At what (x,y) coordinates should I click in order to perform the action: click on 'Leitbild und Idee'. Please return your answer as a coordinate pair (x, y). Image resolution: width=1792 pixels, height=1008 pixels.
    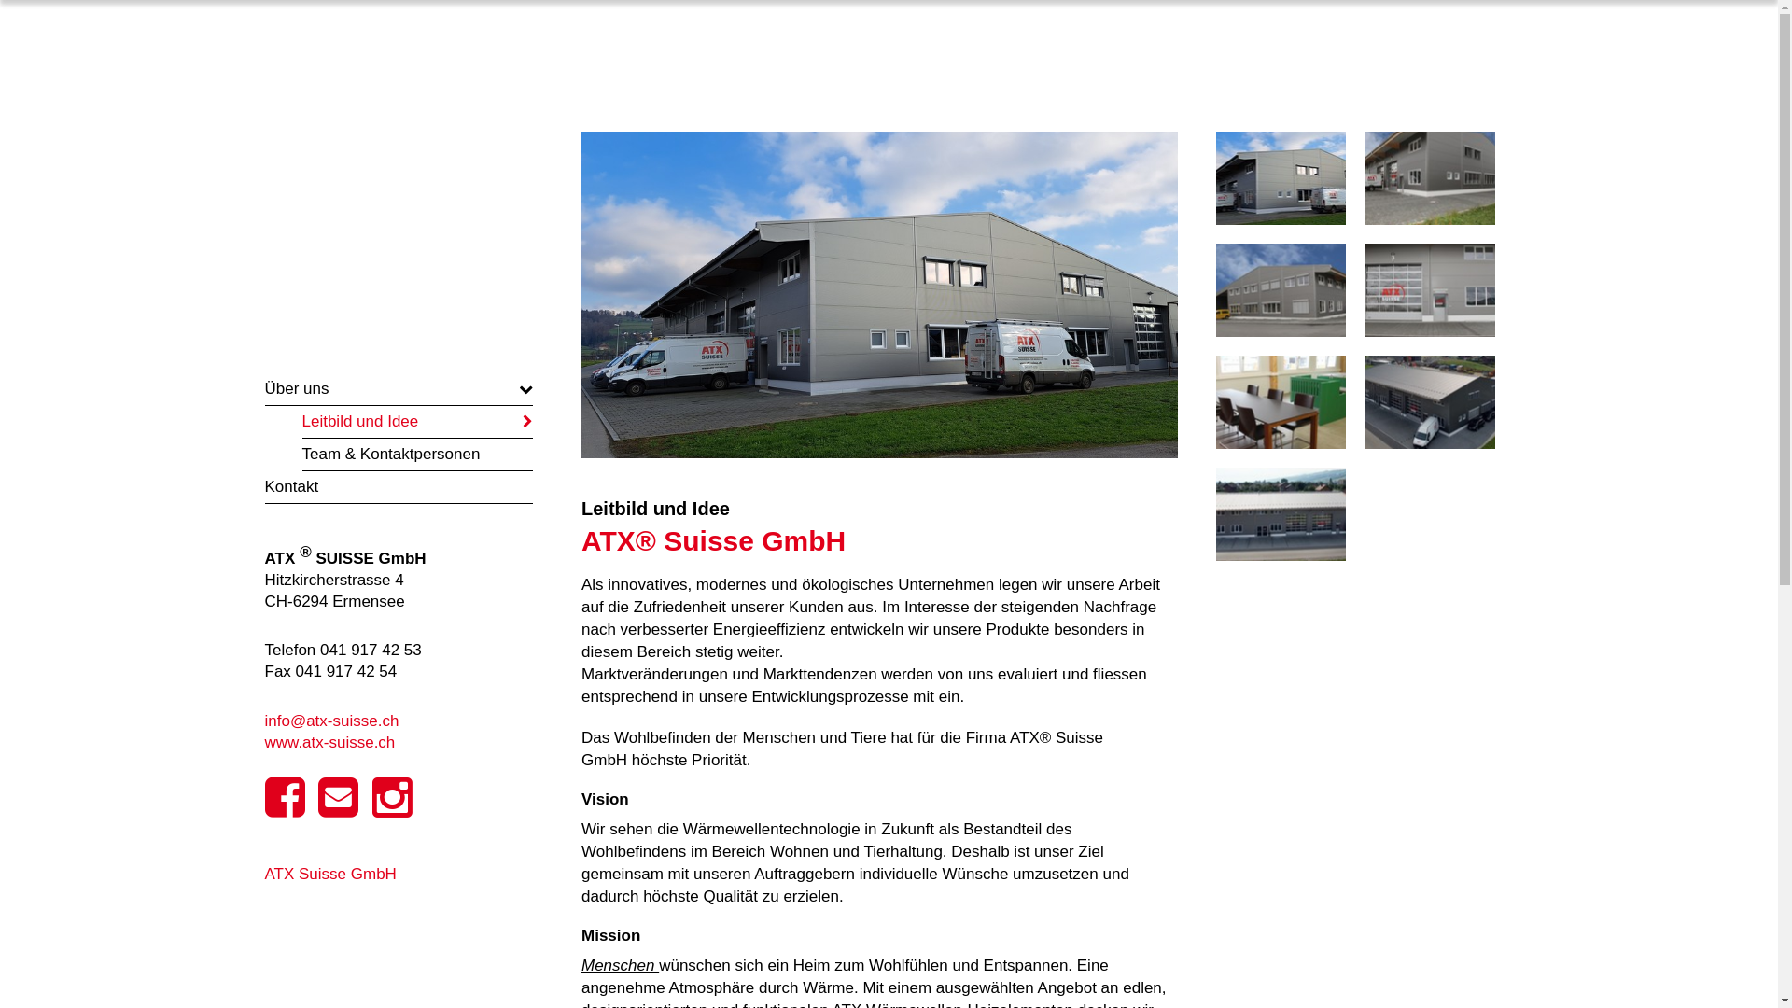
    Looking at the image, I should click on (416, 421).